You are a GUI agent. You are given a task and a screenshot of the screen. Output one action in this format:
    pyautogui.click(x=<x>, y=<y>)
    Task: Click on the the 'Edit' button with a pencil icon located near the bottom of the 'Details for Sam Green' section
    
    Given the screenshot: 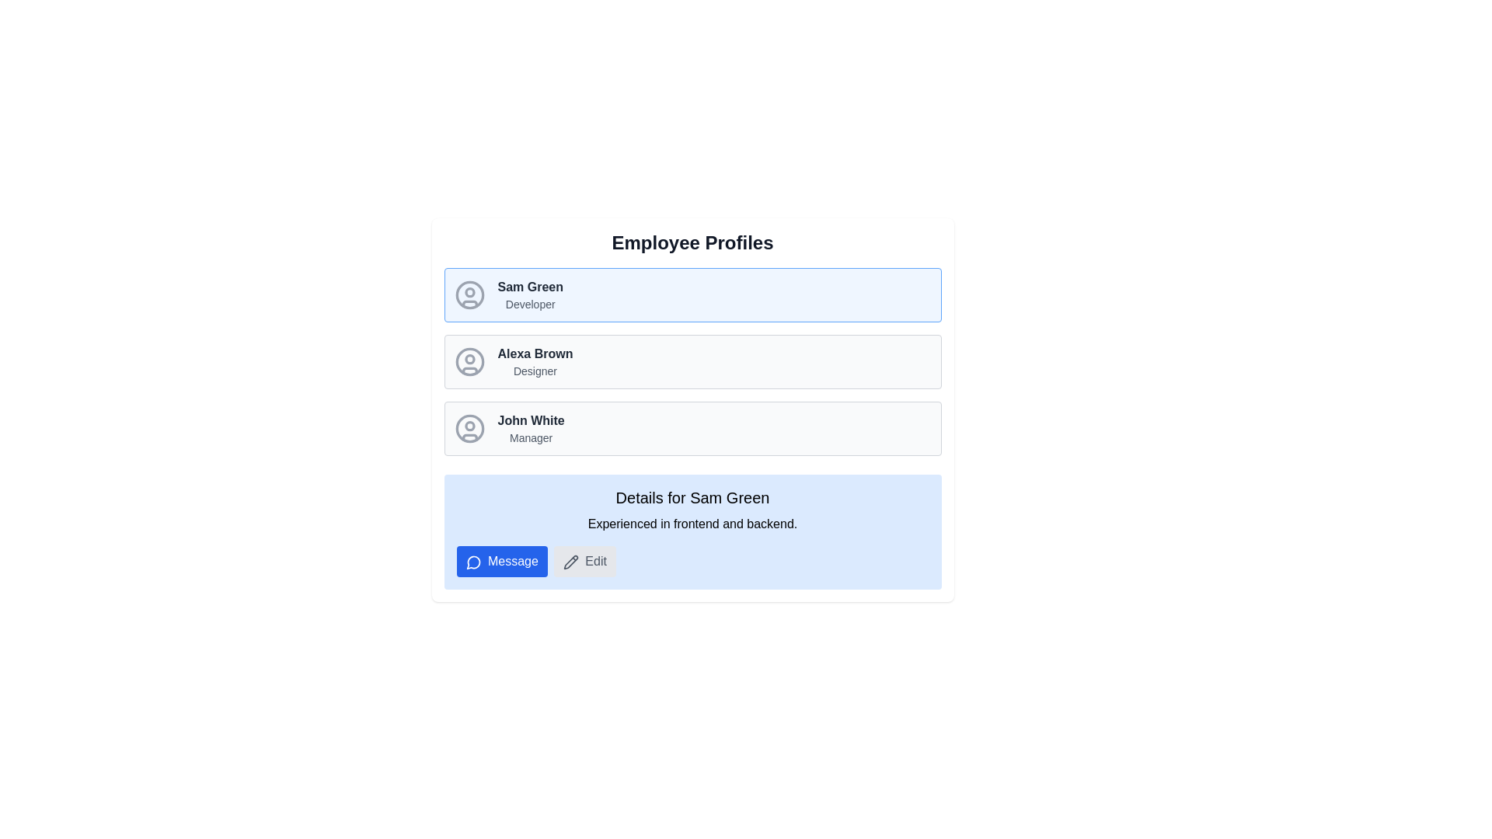 What is the action you would take?
    pyautogui.click(x=584, y=561)
    